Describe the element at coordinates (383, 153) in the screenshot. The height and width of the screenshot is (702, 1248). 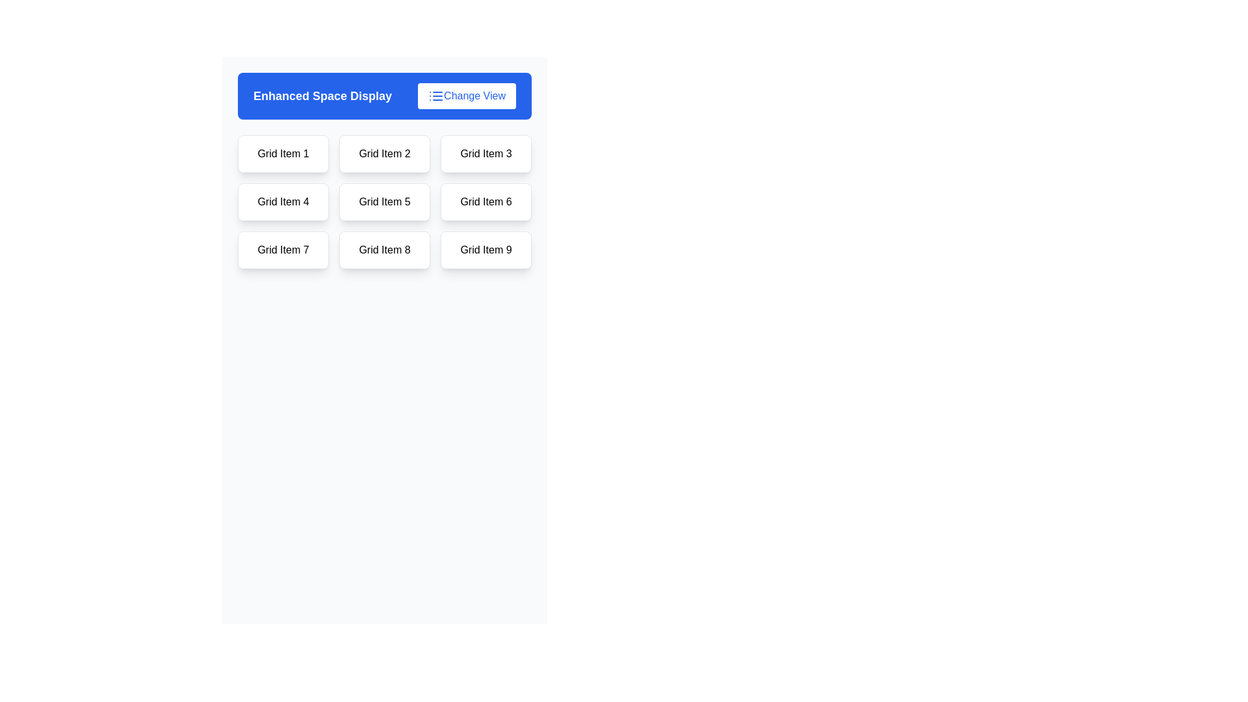
I see `the static grid cell displaying 'Grid Item 2', which is the second item in the first row of the grid located below the blue header 'Enhanced Space Display'` at that location.